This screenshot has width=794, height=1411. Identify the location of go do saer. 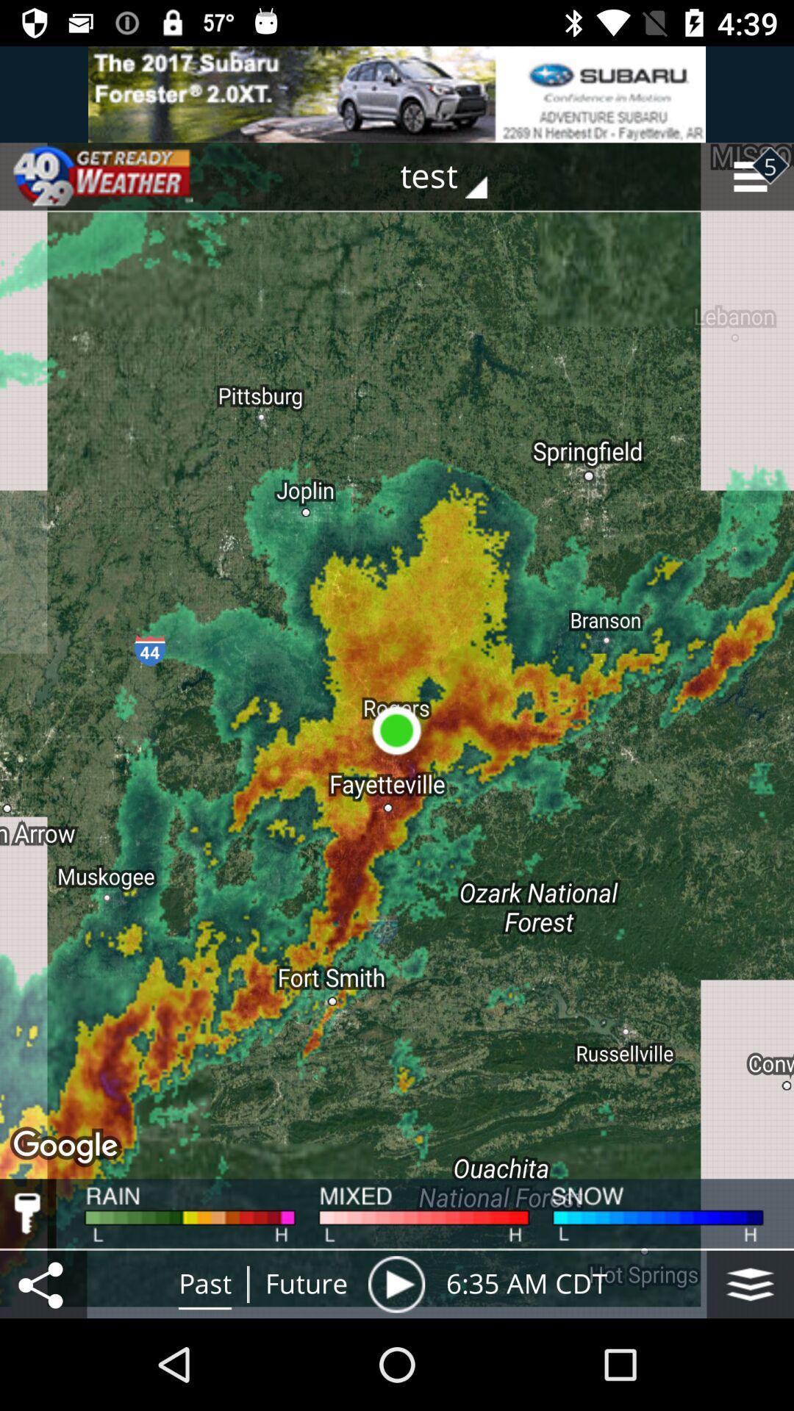
(43, 1283).